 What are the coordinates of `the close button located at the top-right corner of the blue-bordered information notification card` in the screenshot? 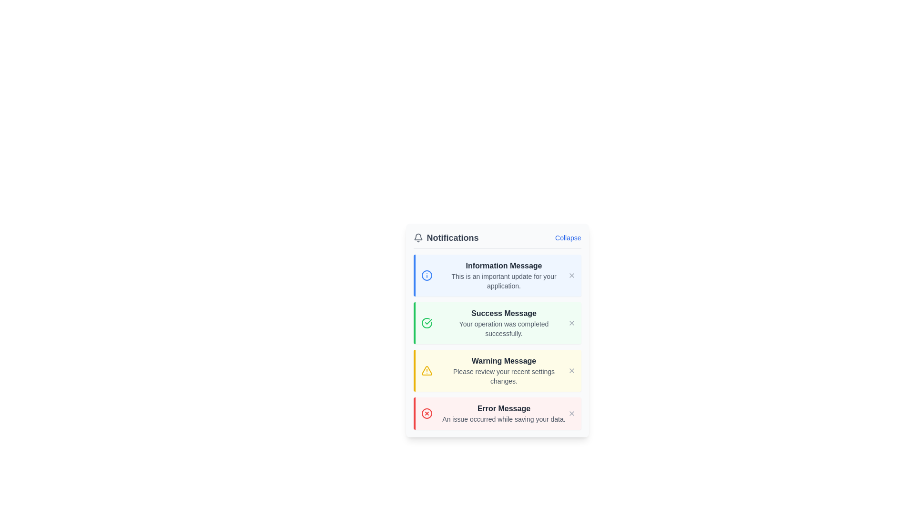 It's located at (571, 275).